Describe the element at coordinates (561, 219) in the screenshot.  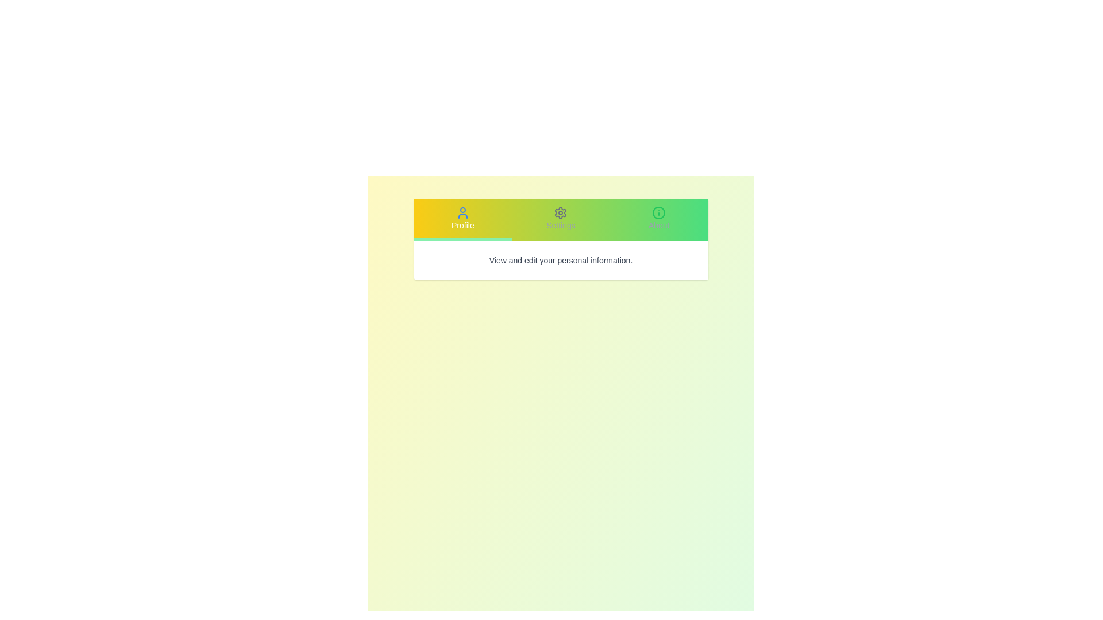
I see `the 'Settings' tab to view its content` at that location.